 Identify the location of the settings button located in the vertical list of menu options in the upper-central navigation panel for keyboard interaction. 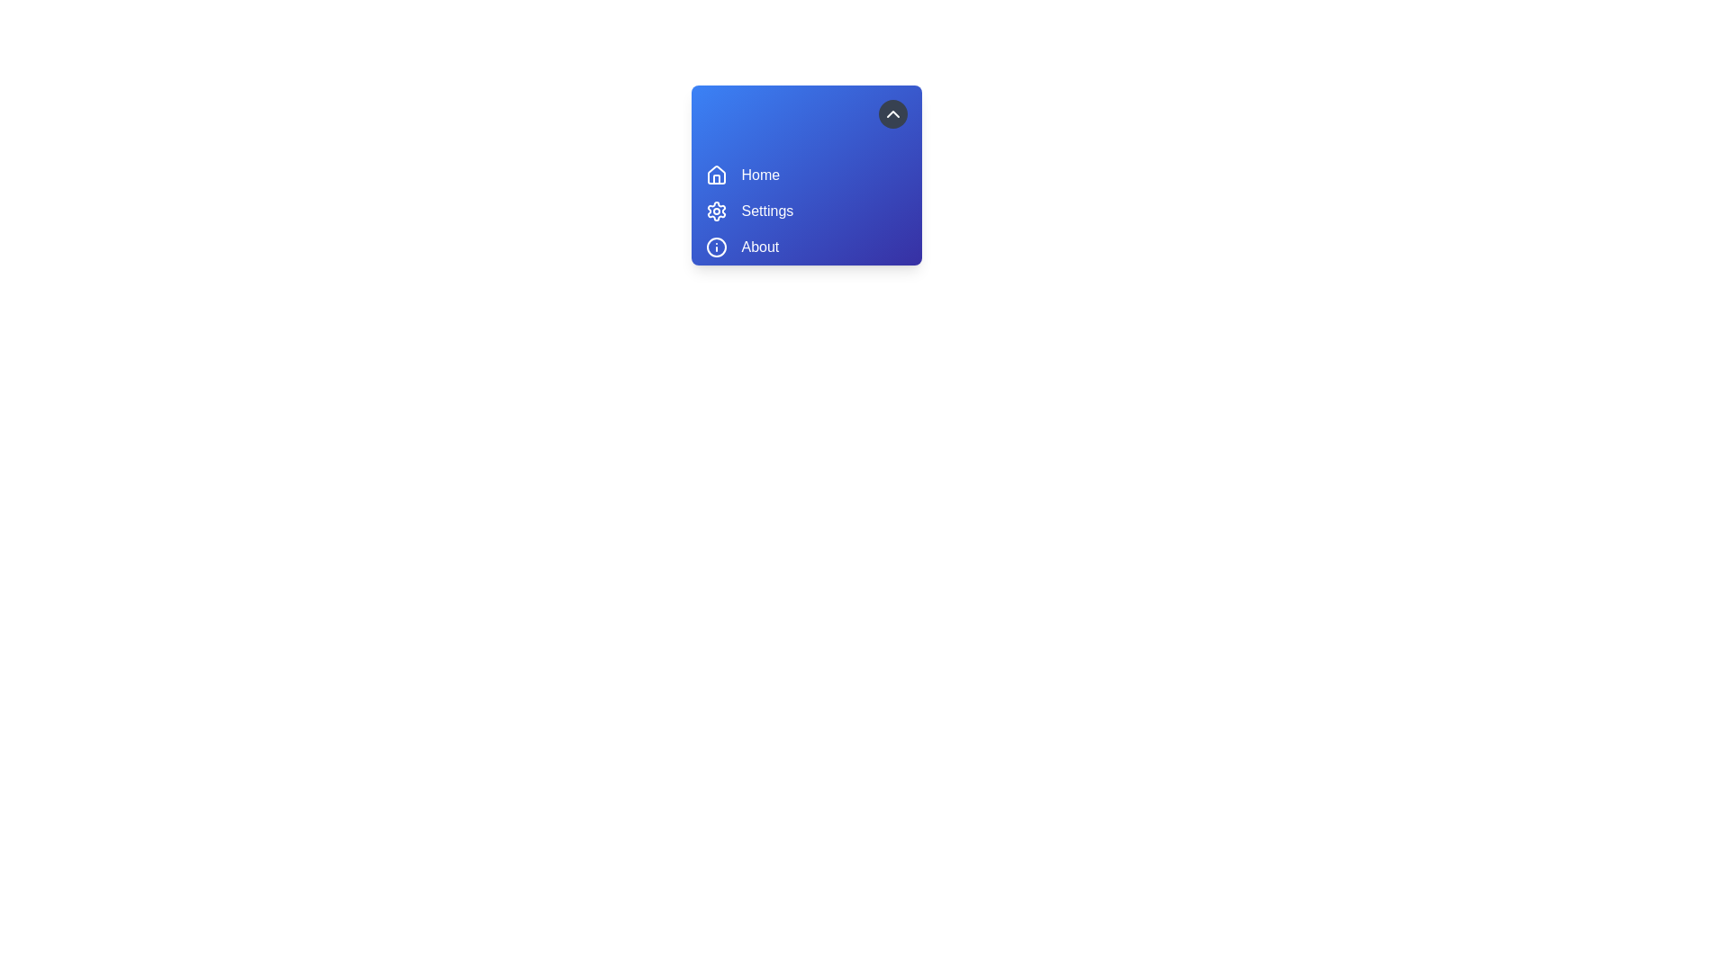
(805, 211).